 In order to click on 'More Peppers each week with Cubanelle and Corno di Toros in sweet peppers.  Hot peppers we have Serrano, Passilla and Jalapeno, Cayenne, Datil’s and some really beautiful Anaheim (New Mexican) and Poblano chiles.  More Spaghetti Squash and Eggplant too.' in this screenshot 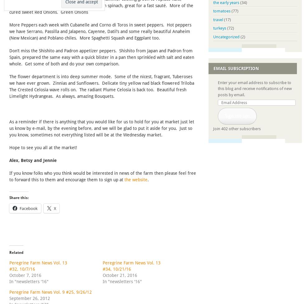, I will do `click(100, 31)`.